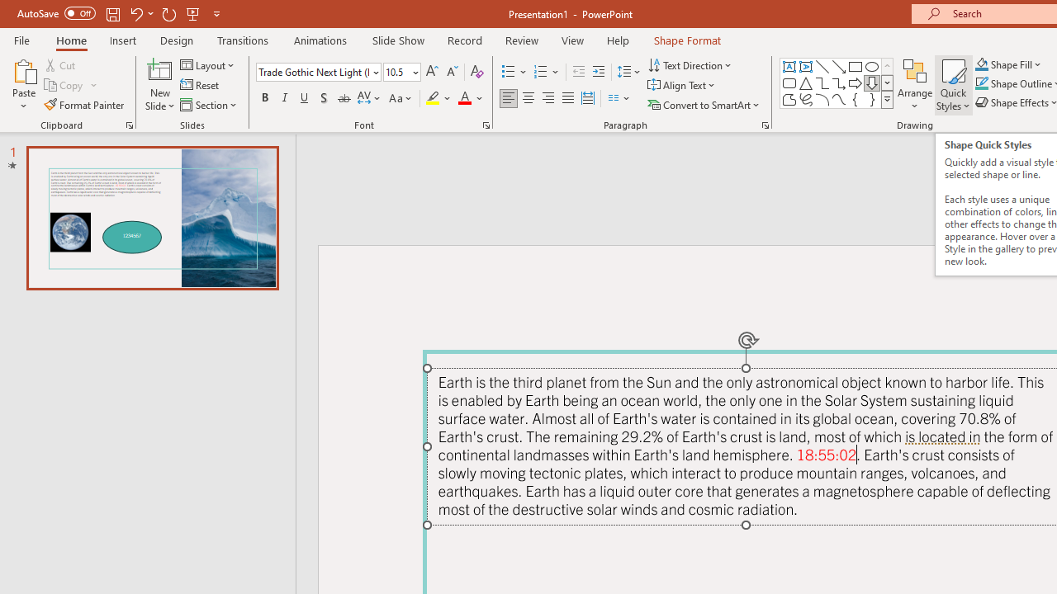 The width and height of the screenshot is (1057, 594). Describe the element at coordinates (806, 99) in the screenshot. I see `'Freeform: Scribble'` at that location.